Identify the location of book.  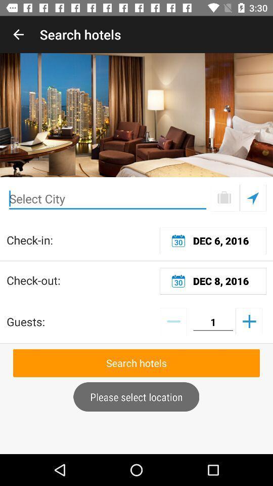
(224, 197).